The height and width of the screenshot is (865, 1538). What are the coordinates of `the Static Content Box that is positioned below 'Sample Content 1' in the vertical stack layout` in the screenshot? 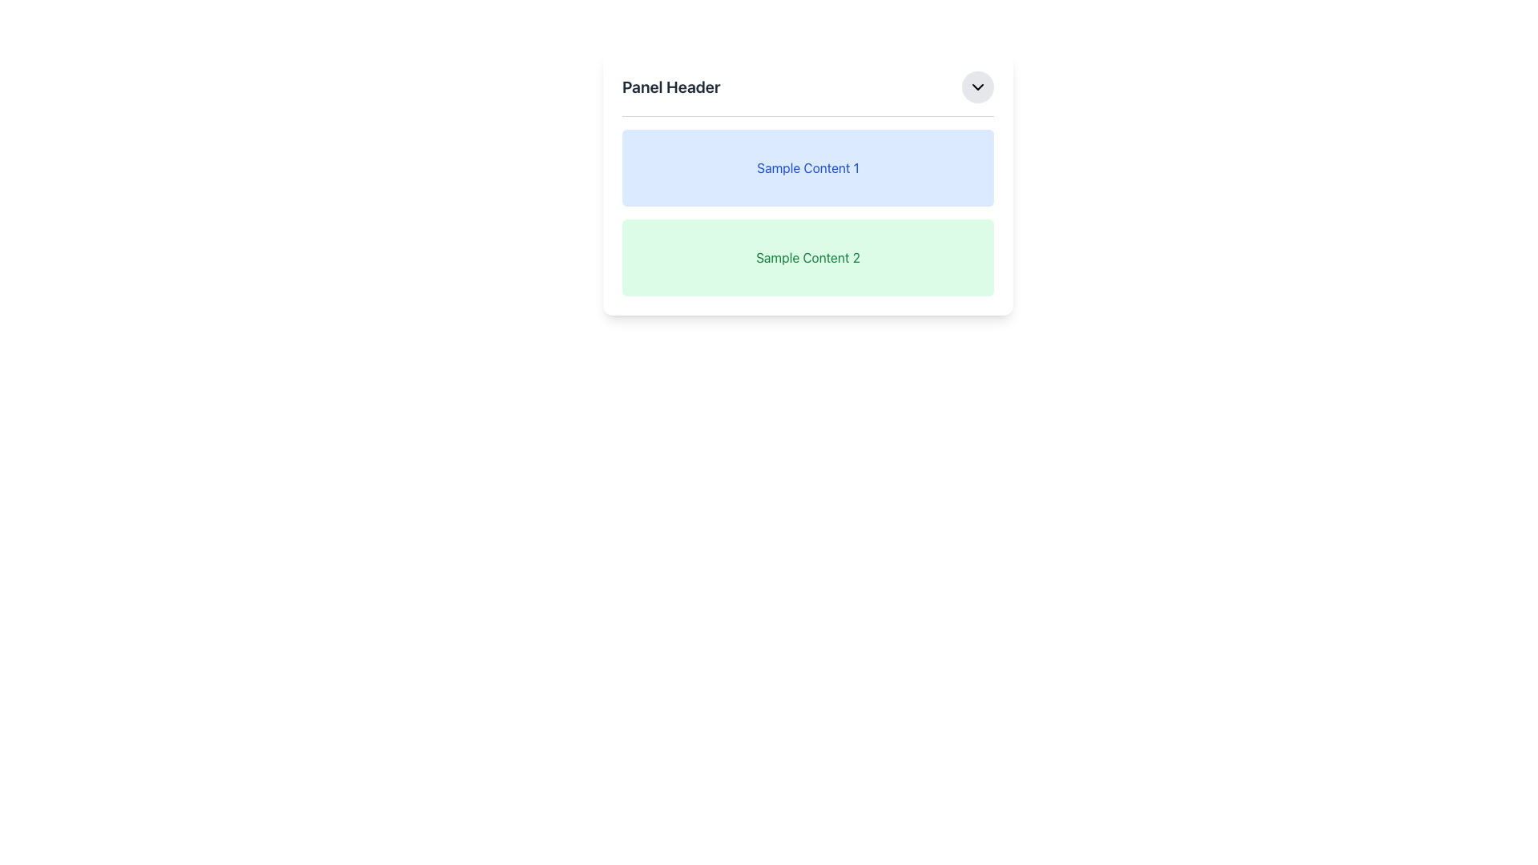 It's located at (807, 256).